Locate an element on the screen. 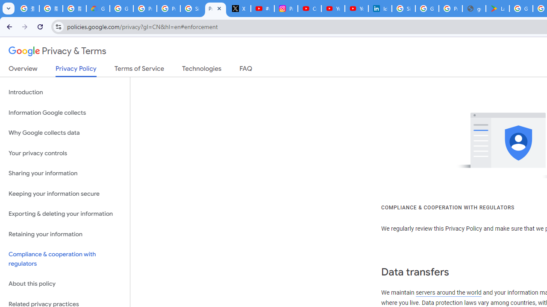  'YouTube Culture & Trends - YouTube Top 10, 2021' is located at coordinates (356, 9).